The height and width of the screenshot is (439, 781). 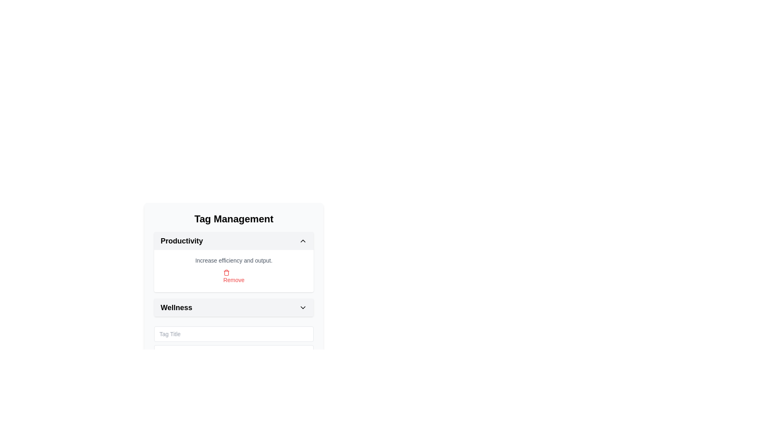 I want to click on the Chevron Down icon located on the right side of the 'Wellness' section, so click(x=302, y=307).